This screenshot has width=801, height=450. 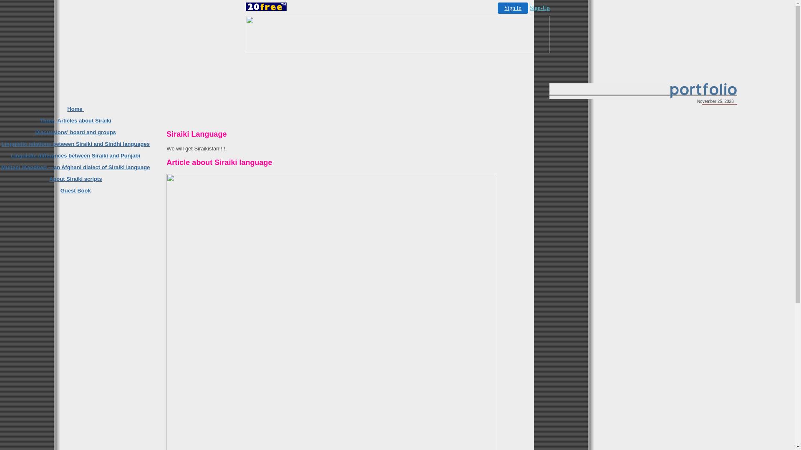 What do you see at coordinates (75, 120) in the screenshot?
I see `'Three  Articles about Siraiki'` at bounding box center [75, 120].